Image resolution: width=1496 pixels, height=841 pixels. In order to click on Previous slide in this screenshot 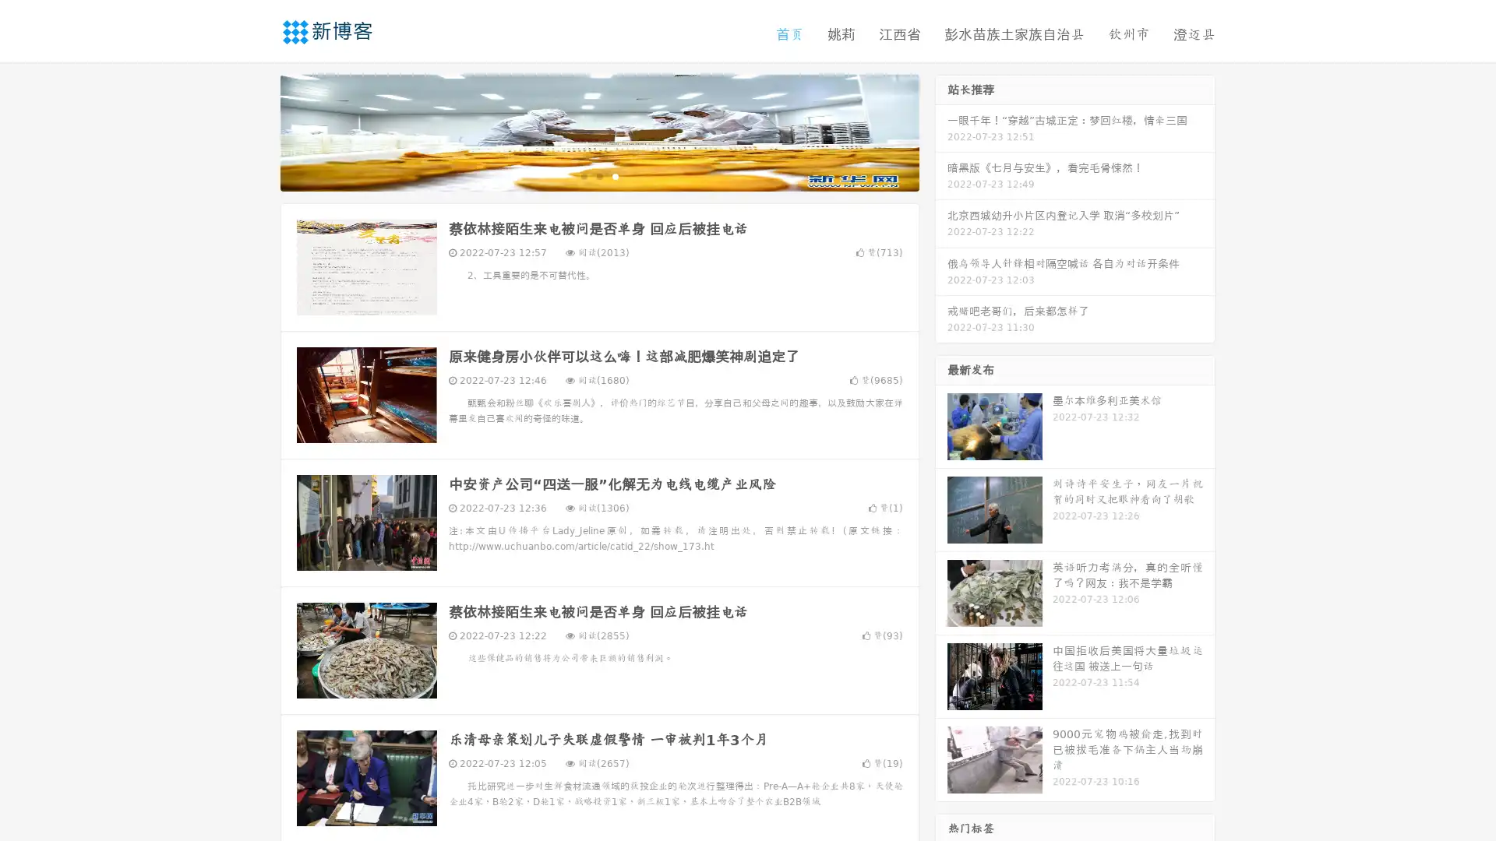, I will do `click(257, 131)`.